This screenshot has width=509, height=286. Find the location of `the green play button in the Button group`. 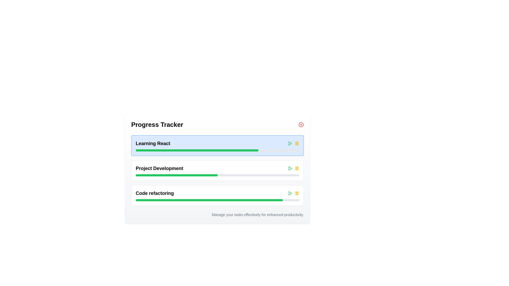

the green play button in the Button group is located at coordinates (293, 168).